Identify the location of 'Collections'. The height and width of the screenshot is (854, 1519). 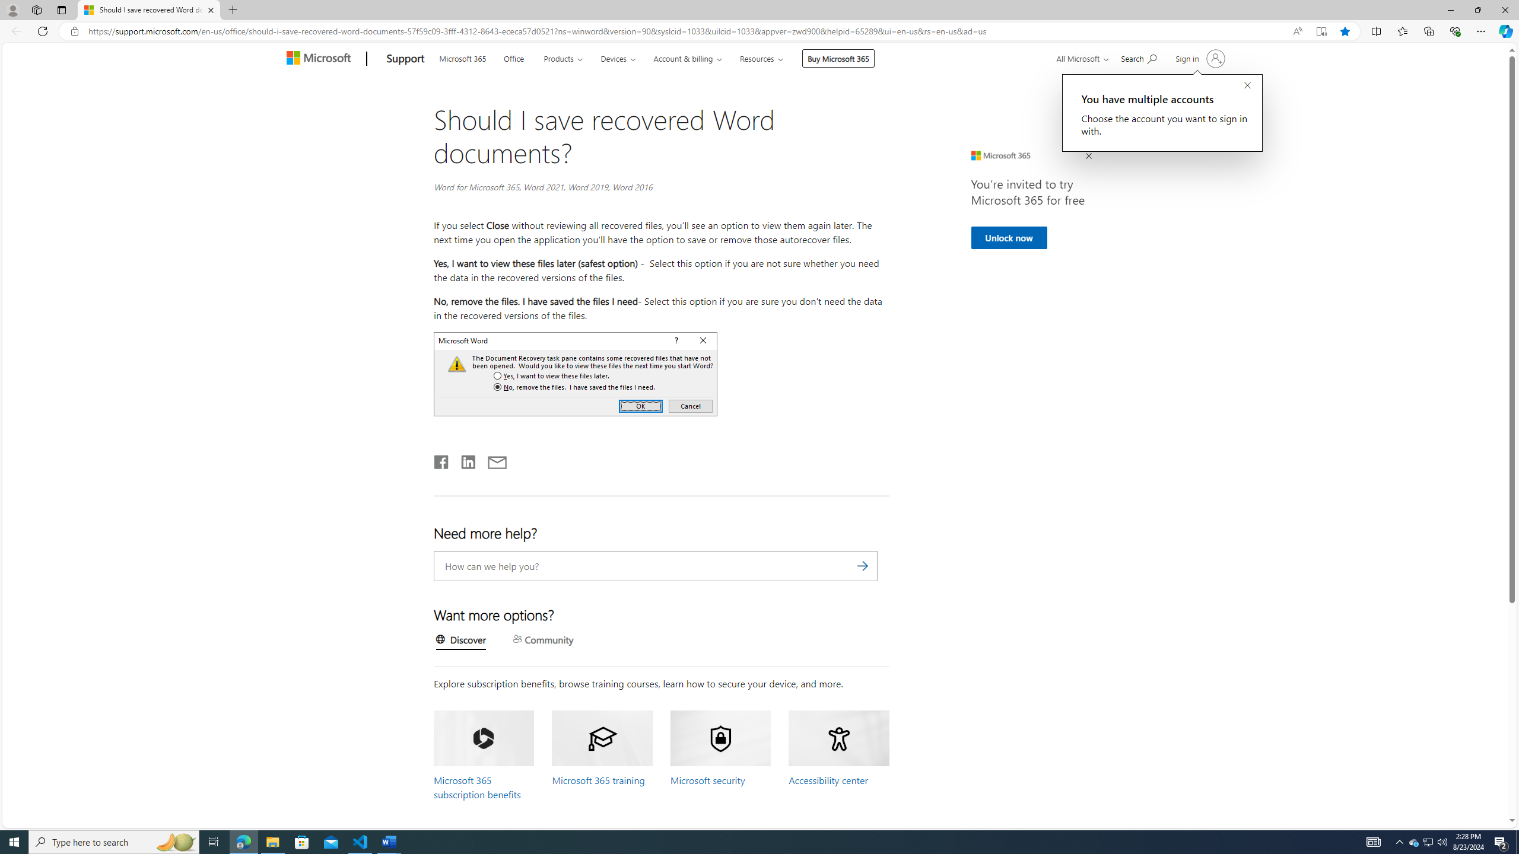
(1428, 30).